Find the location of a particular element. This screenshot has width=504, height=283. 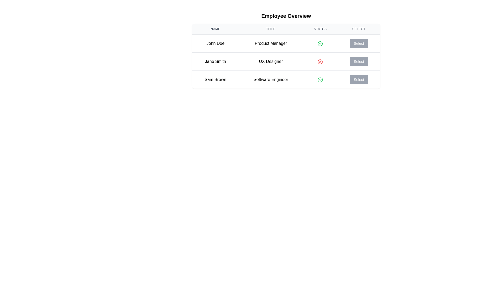

the static text element displaying the job title 'Software Engineer' located in the third row under the 'TITLE' column of the table is located at coordinates (271, 79).